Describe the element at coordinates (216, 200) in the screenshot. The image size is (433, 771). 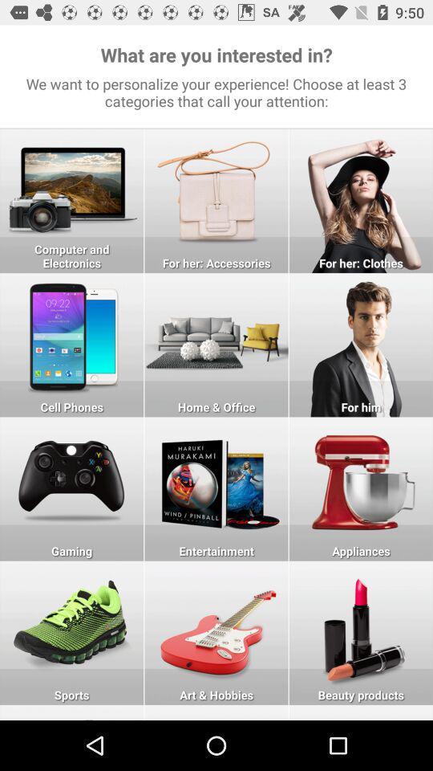
I see `the accessories` at that location.